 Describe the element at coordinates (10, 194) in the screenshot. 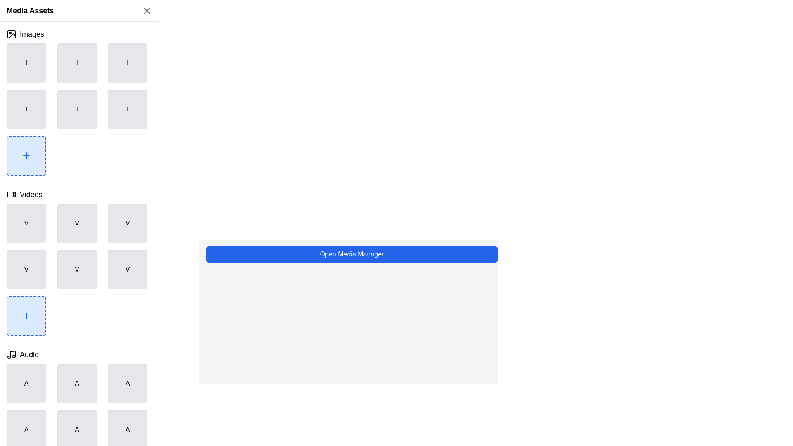

I see `the rectangle with rounded corners that is part of the video camera icon in the 'Videos' section` at that location.